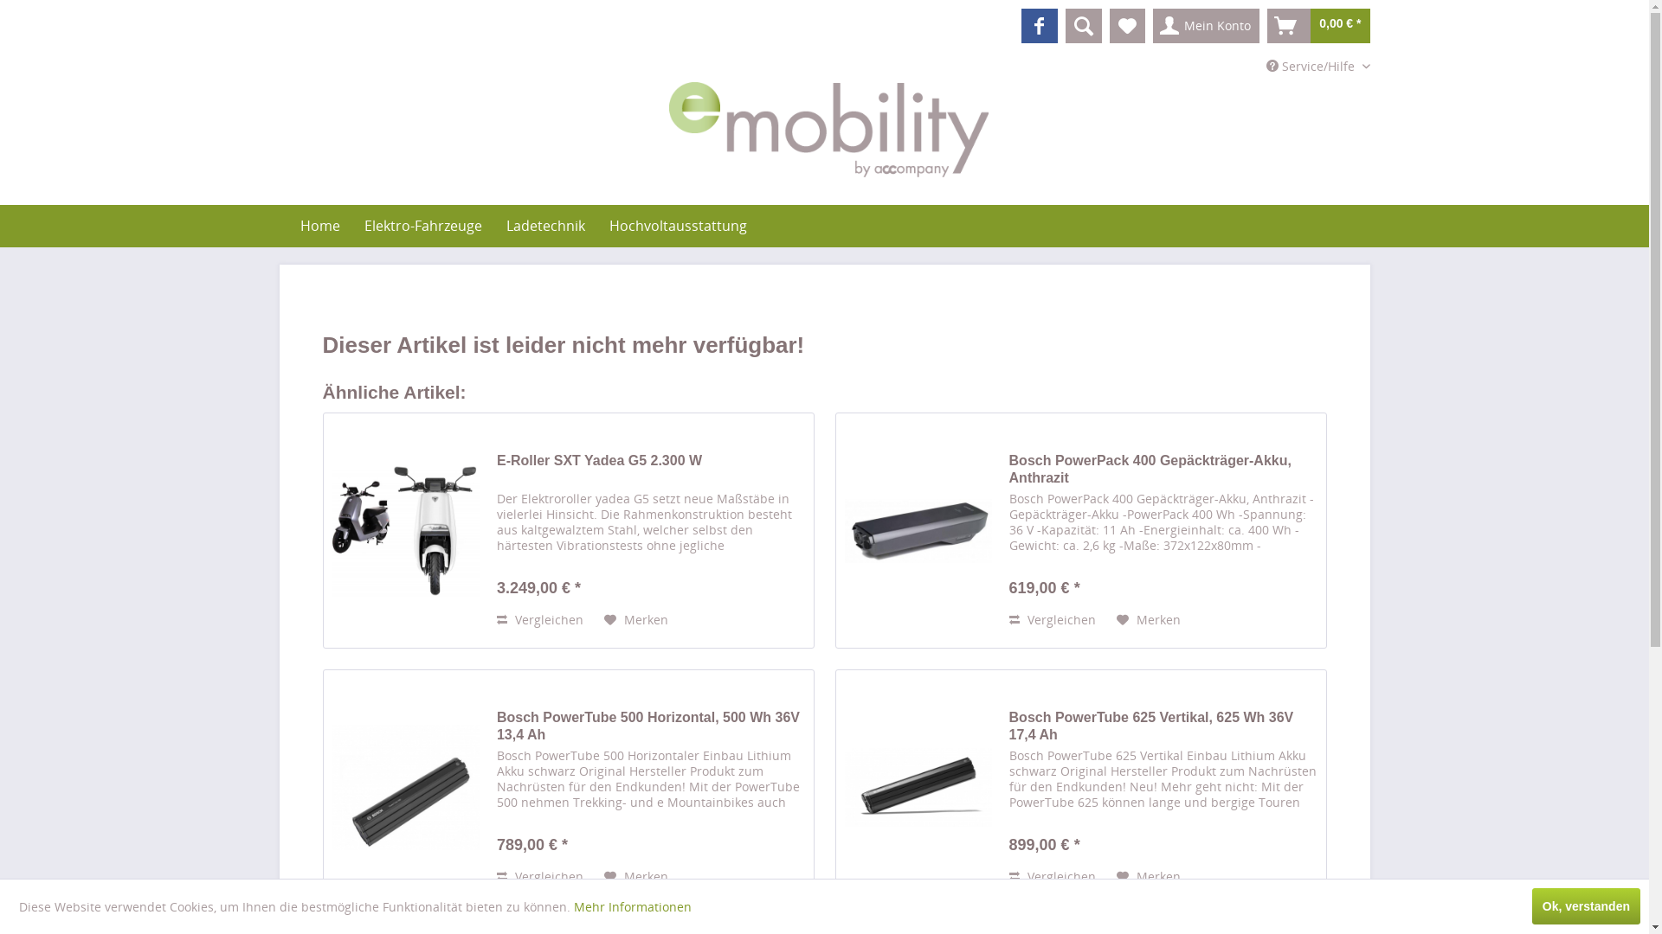 The height and width of the screenshot is (934, 1662). I want to click on 'Mehr Informationen', so click(631, 905).